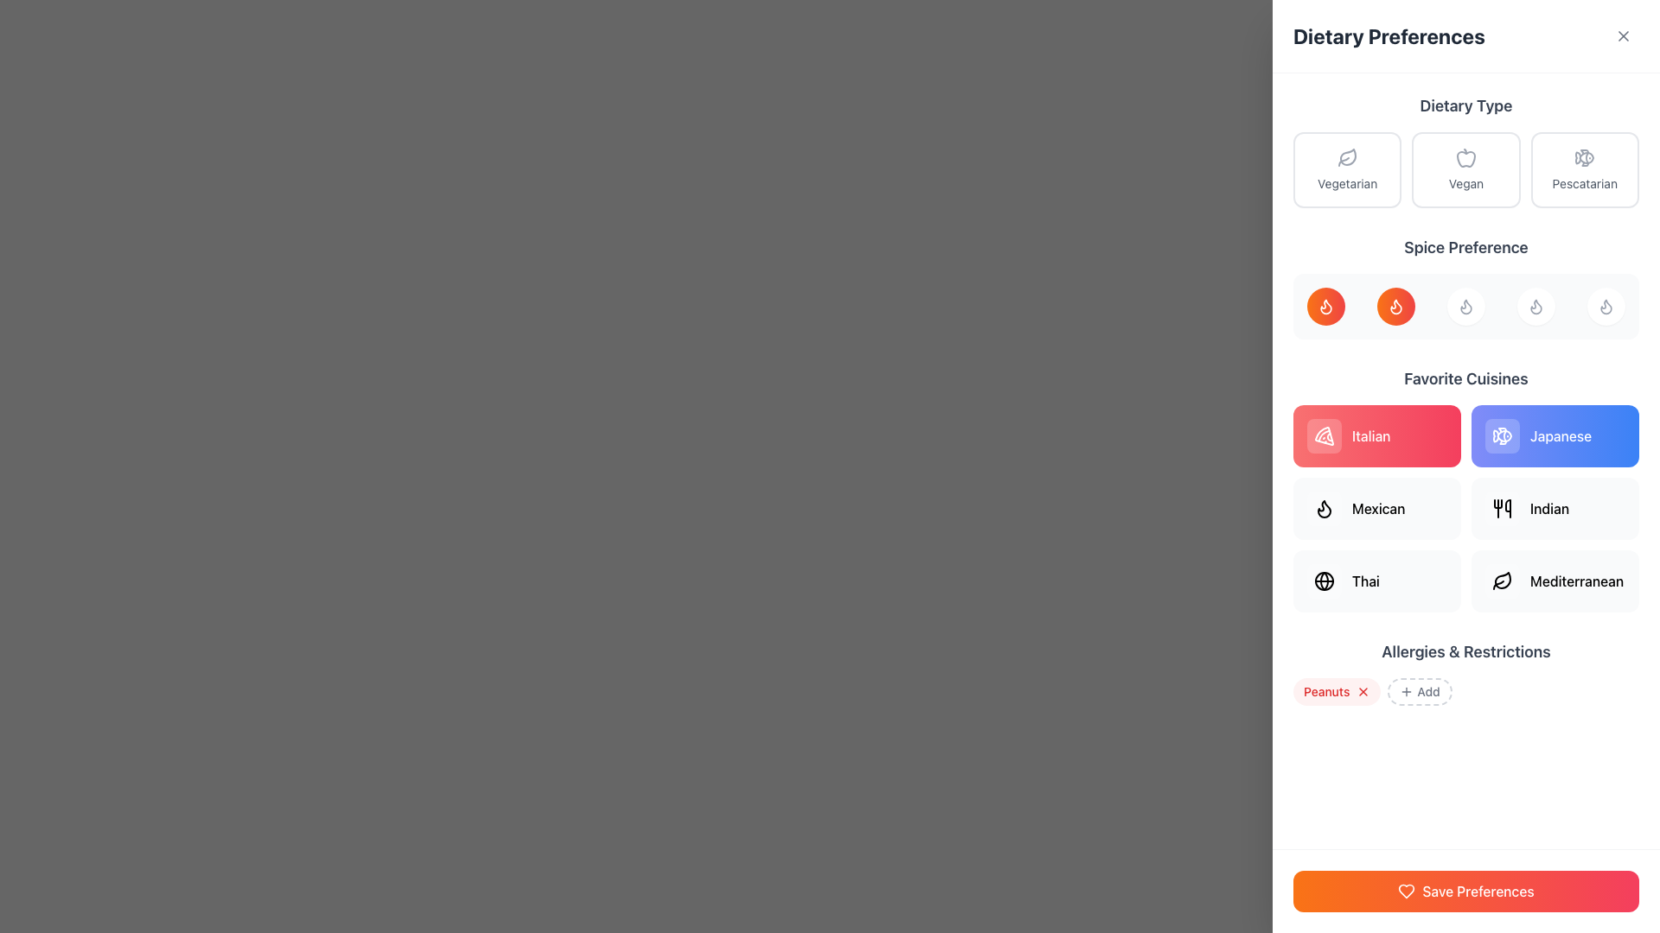 Image resolution: width=1660 pixels, height=933 pixels. Describe the element at coordinates (1369, 435) in the screenshot. I see `the 'Italian' button located in the 'Favorite Cuisines' section, which is styled with a medium weight font within a red rounded rectangle` at that location.